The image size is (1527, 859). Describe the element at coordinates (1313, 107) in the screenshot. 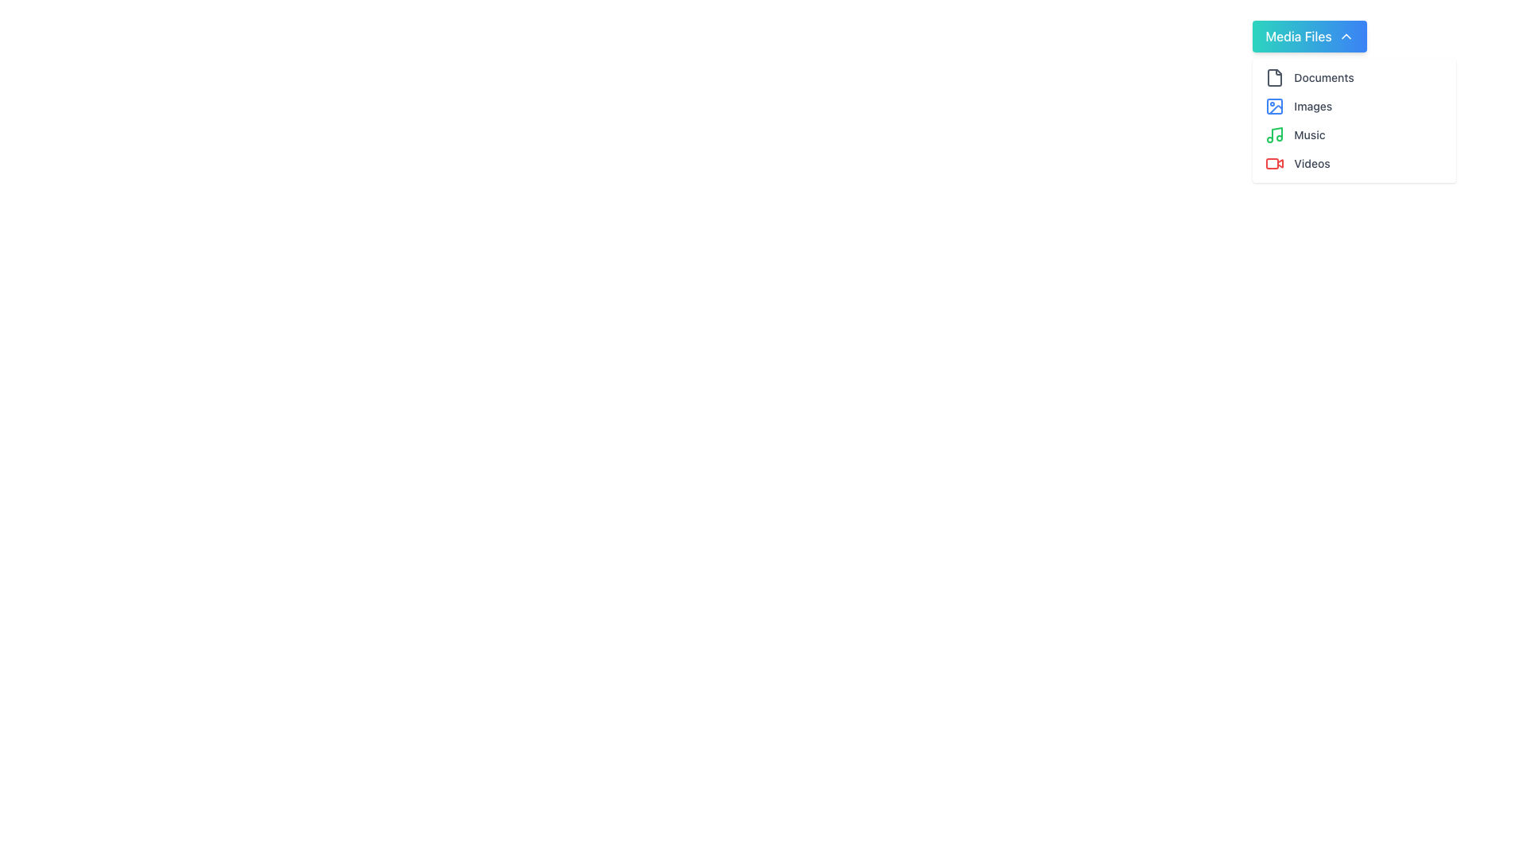

I see `the 'Images' text label, which is the second item in the 'Media Files' list` at that location.